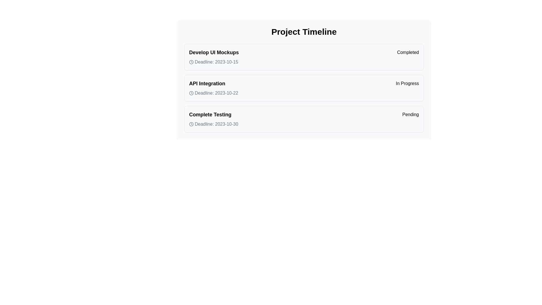  Describe the element at coordinates (408, 52) in the screenshot. I see `the completion badge for the task 'Develop UI Mockups'` at that location.